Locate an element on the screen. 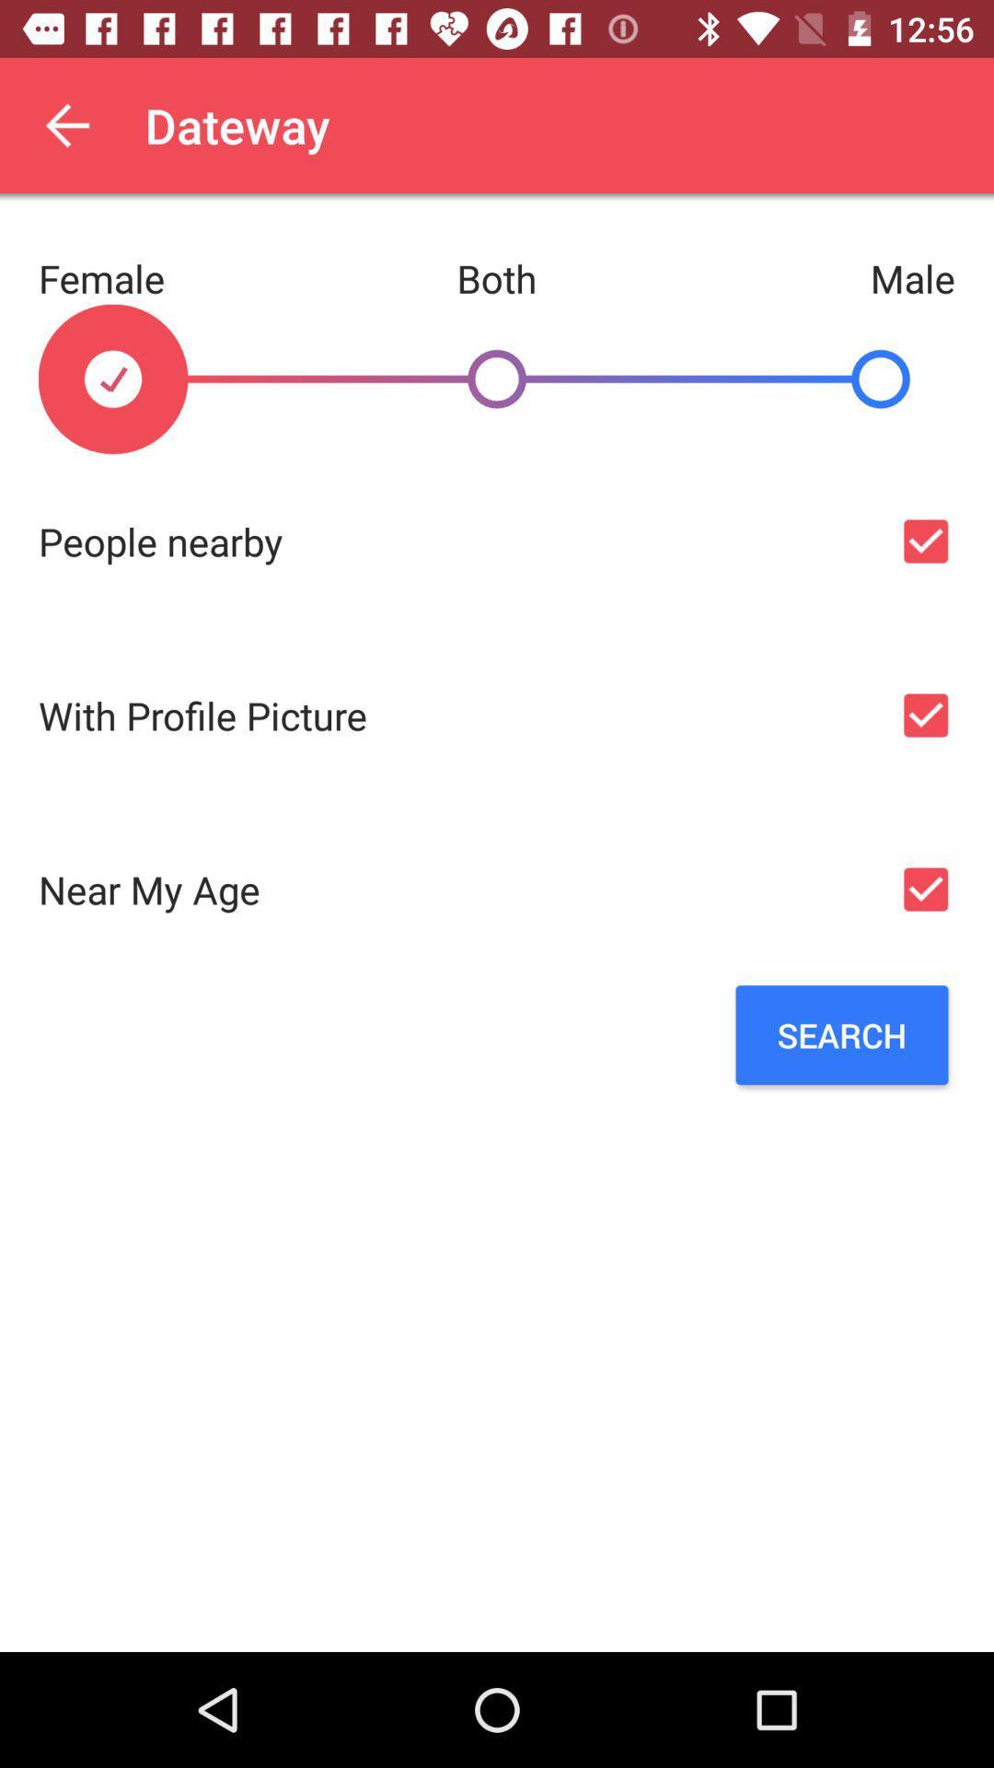  the search is located at coordinates (841, 1035).